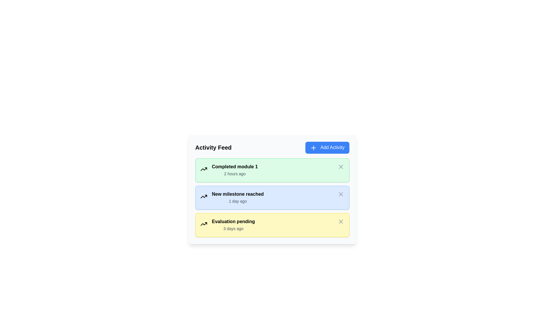  What do you see at coordinates (204, 223) in the screenshot?
I see `the decorative or informative icon that represents a trending or progress-related theme, located in the third and bottom rectangular card of the activity feed items, adjacent to the bold title text 'Evaluation pending'` at bounding box center [204, 223].